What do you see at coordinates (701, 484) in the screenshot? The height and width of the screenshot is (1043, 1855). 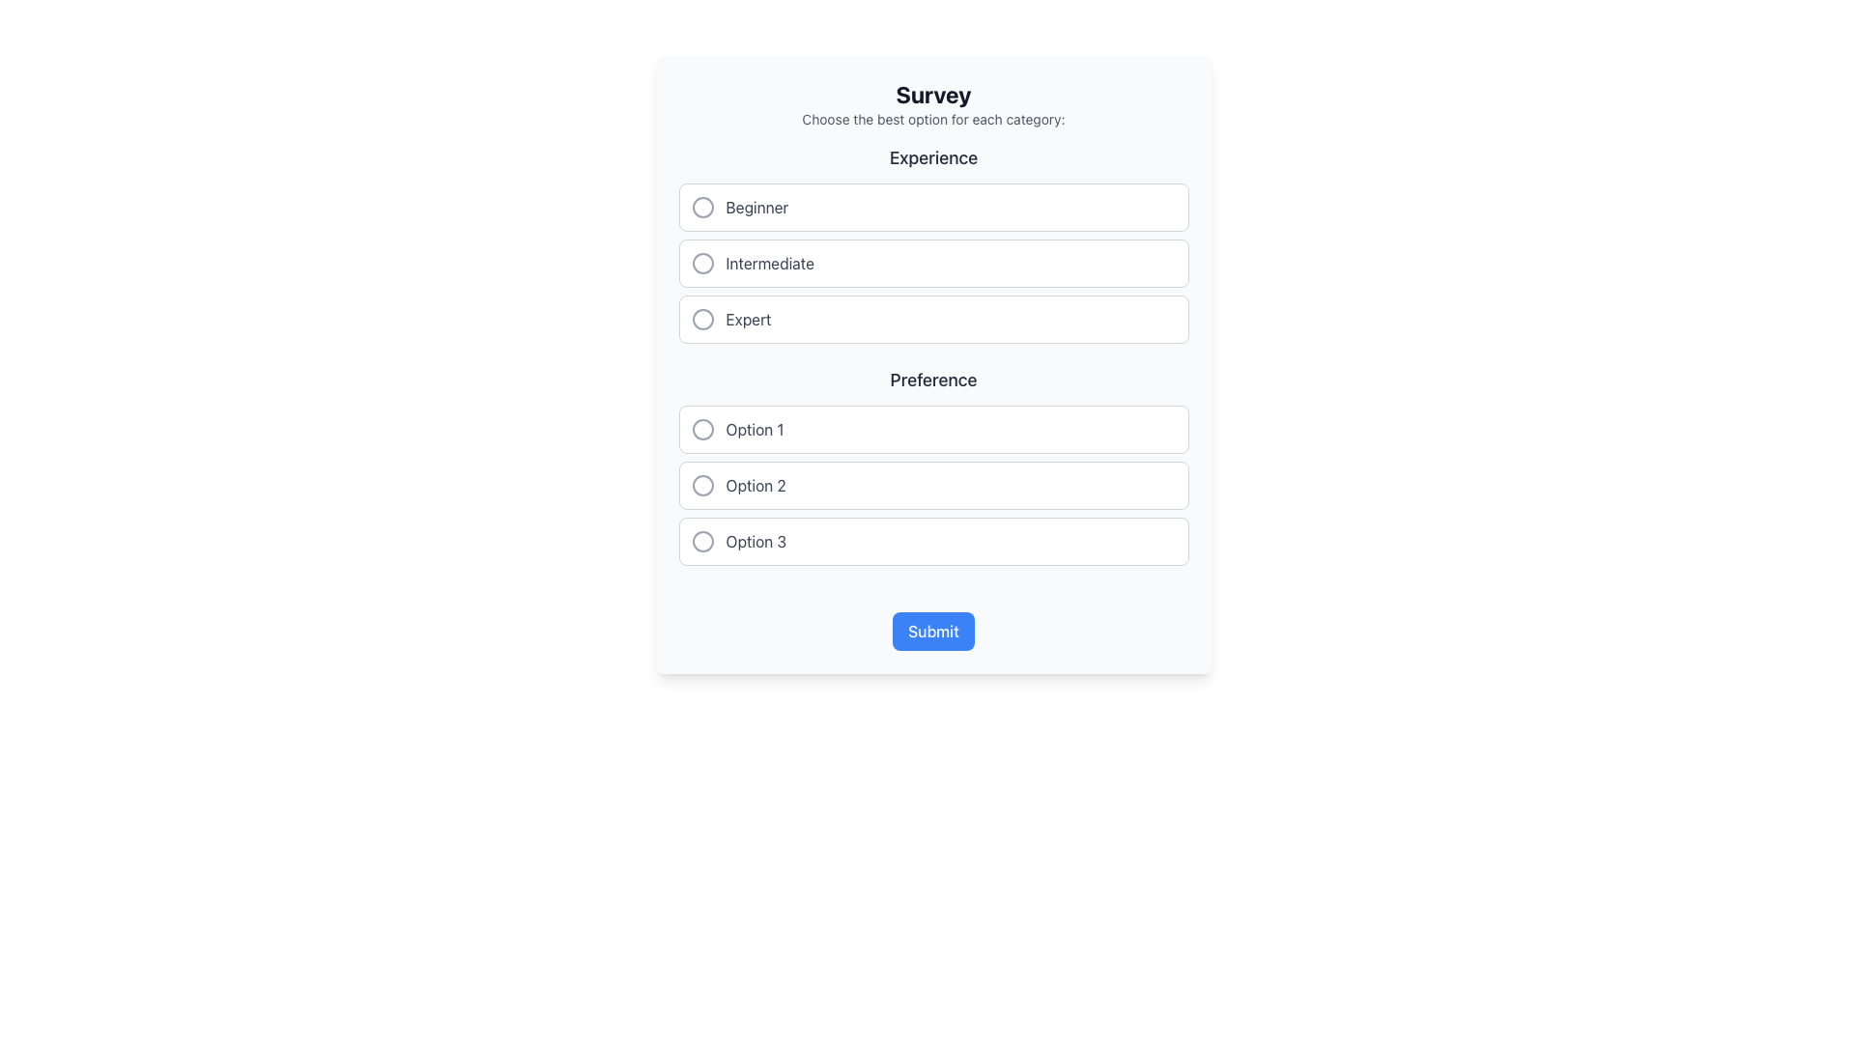 I see `the radio button` at bounding box center [701, 484].